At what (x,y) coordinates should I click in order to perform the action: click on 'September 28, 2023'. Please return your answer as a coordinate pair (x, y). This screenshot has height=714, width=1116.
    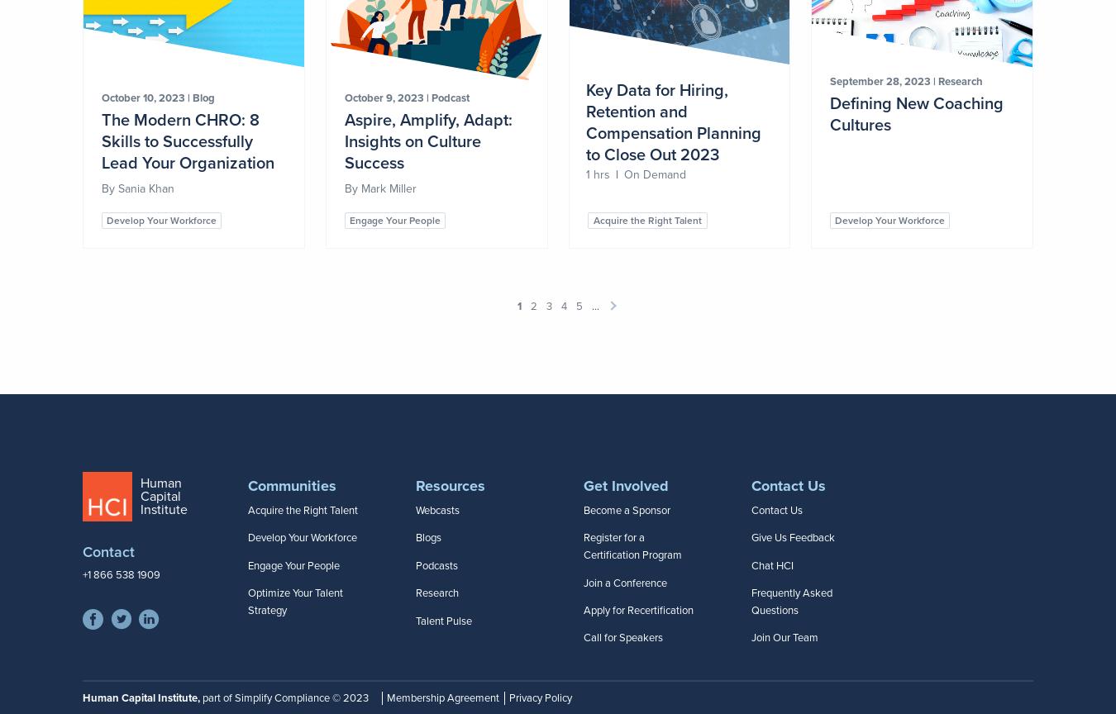
    Looking at the image, I should click on (880, 80).